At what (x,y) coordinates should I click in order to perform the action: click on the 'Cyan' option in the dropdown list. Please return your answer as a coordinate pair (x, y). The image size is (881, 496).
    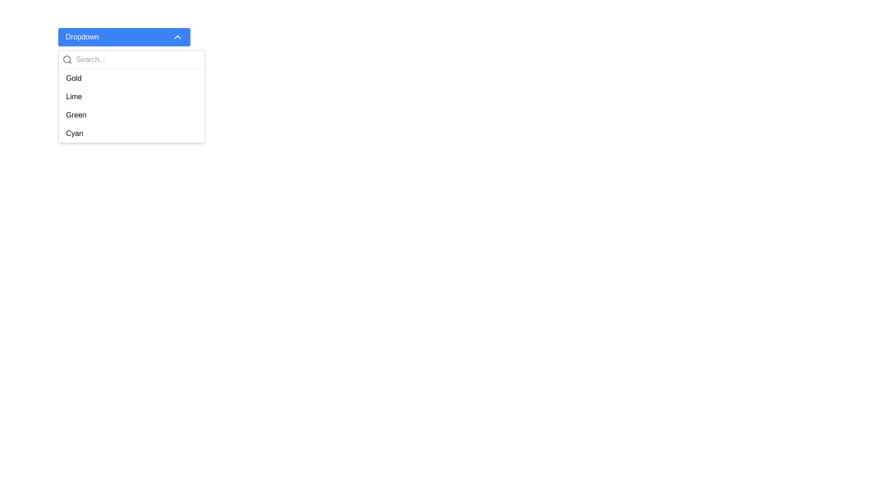
    Looking at the image, I should click on (74, 133).